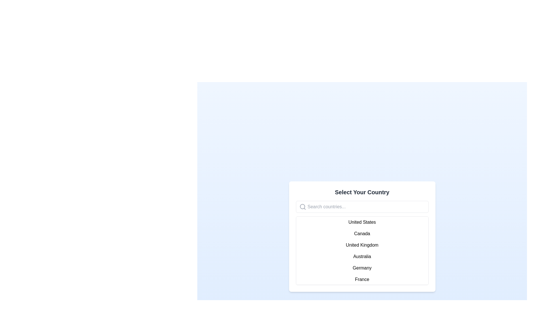 This screenshot has height=309, width=549. I want to click on the decorative search icon located inside the search icon to the left of the input field labeled 'Search countries' in the country selection modal dialog, so click(302, 206).